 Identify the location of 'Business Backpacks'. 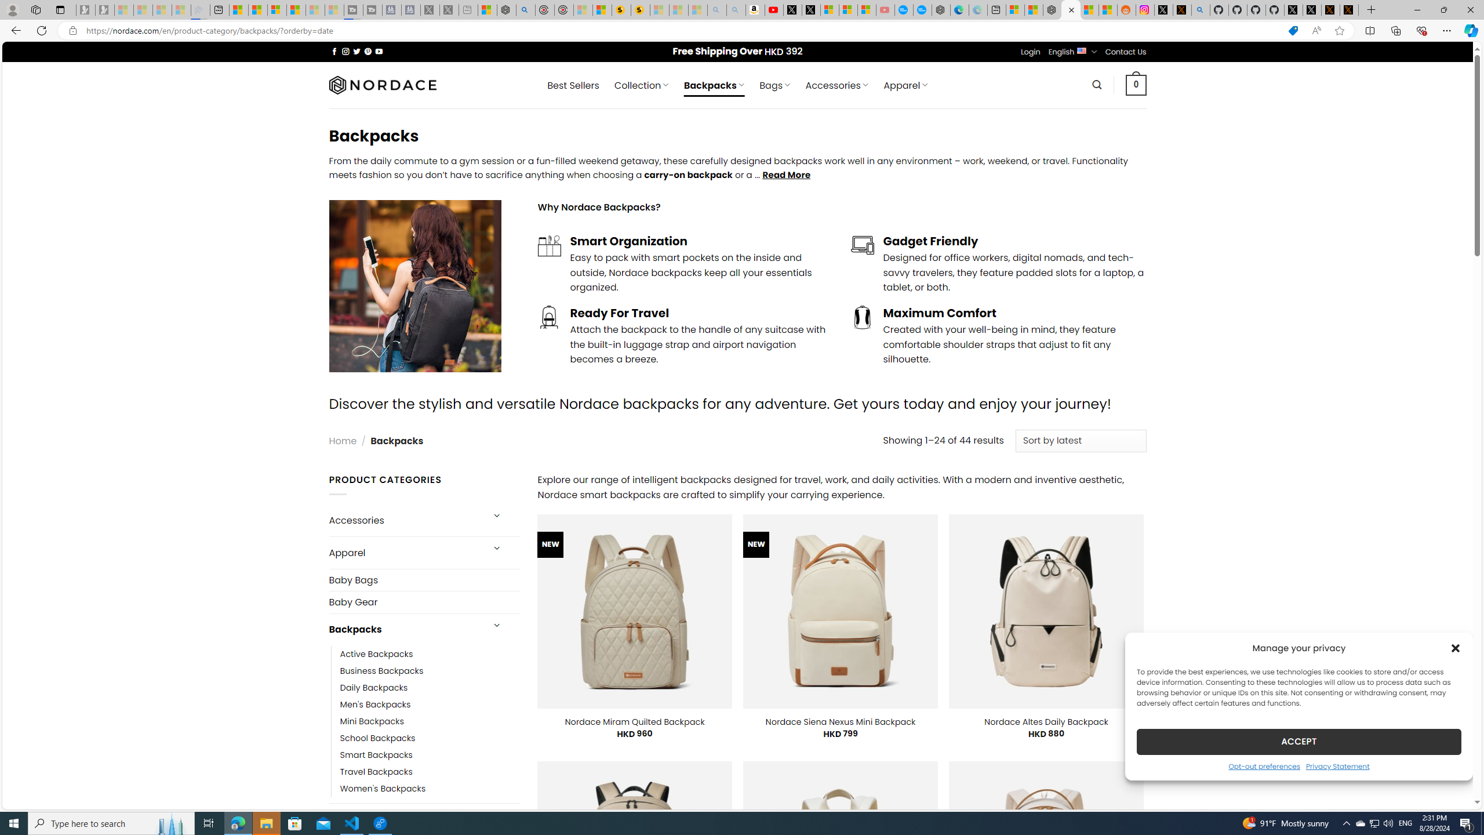
(382, 670).